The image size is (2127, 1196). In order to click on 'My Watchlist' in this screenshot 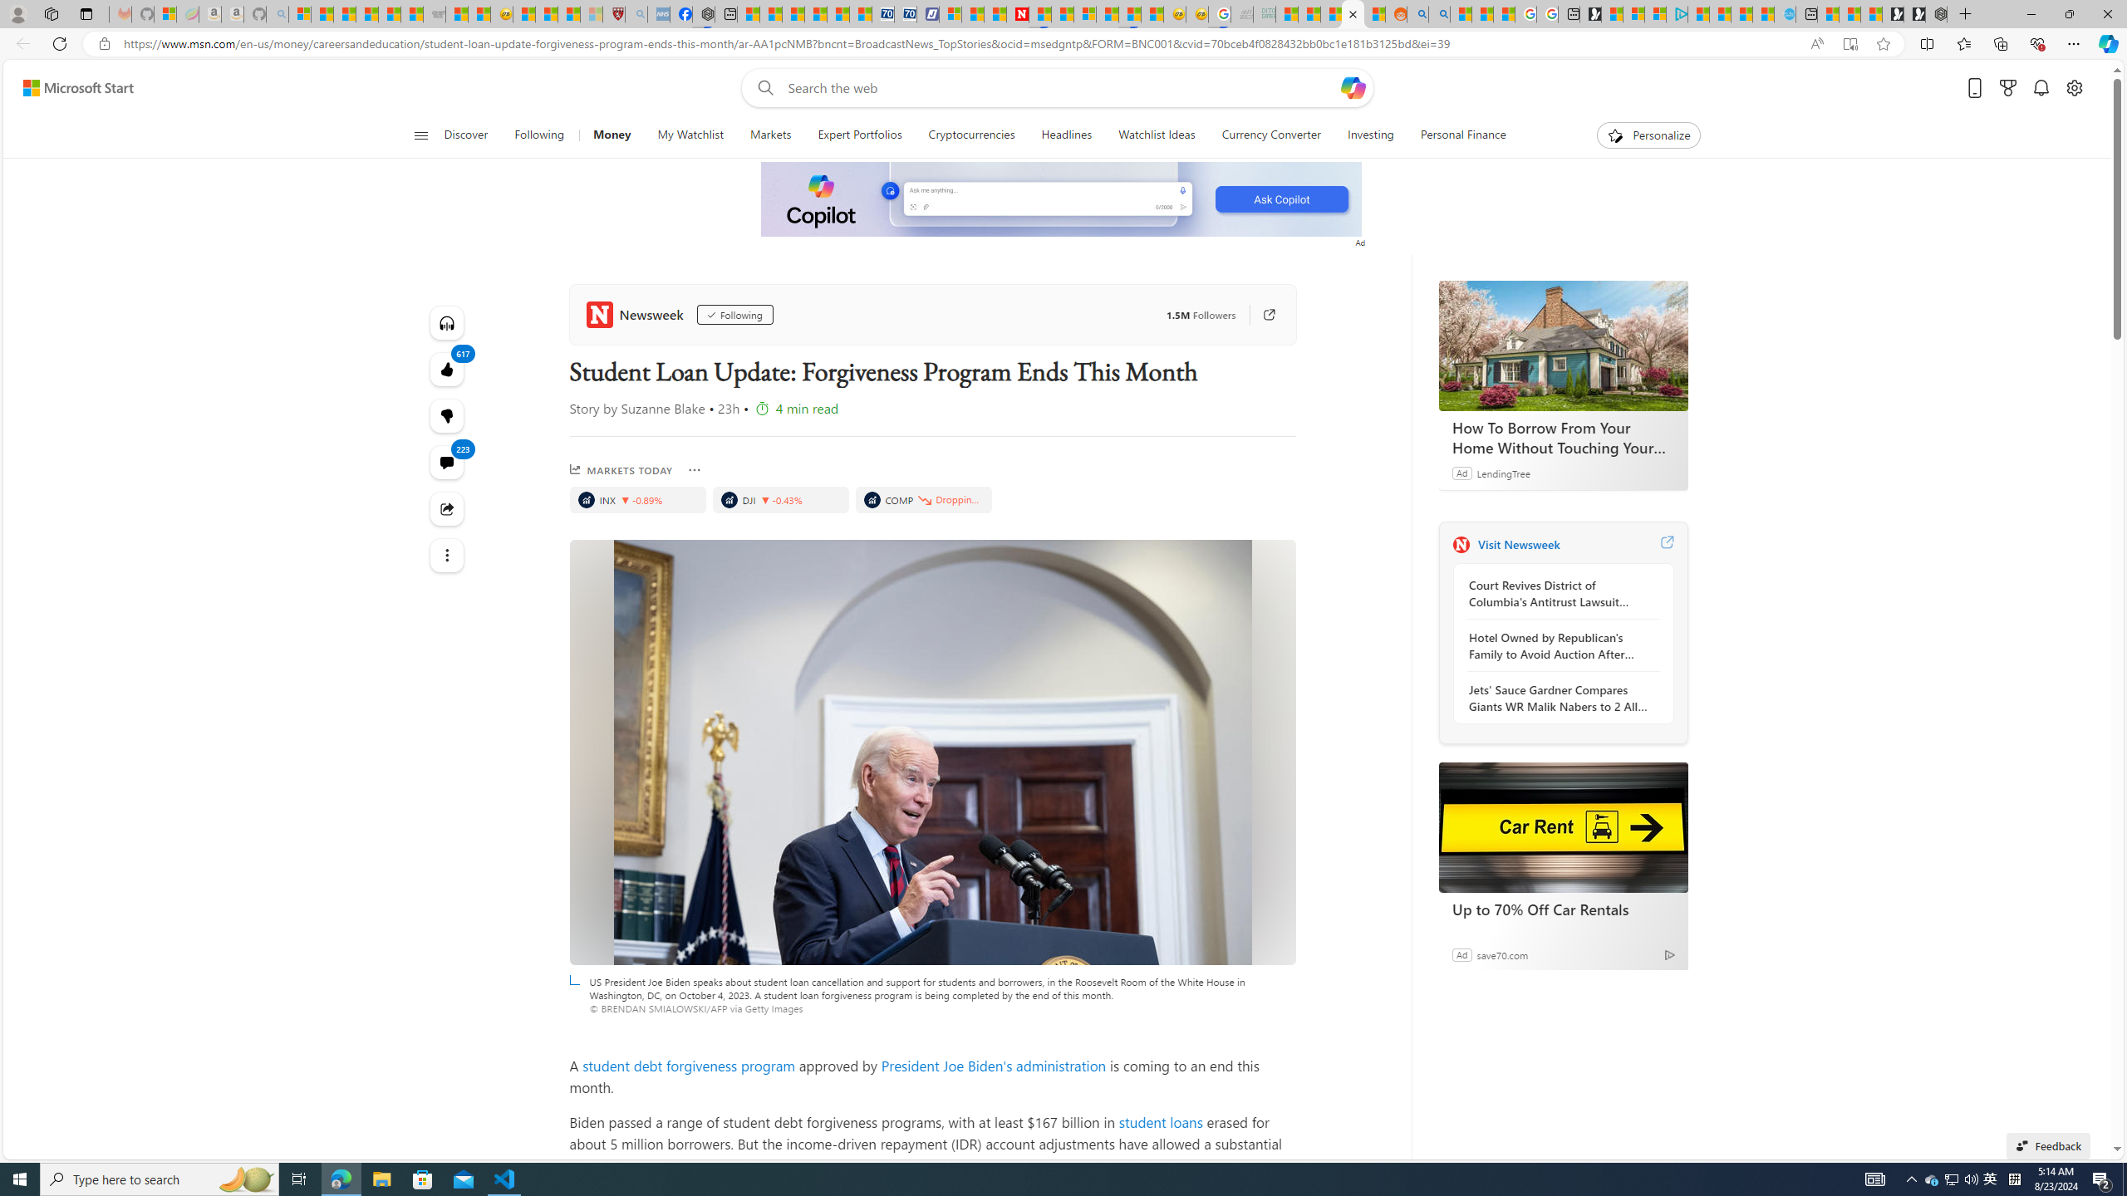, I will do `click(689, 135)`.